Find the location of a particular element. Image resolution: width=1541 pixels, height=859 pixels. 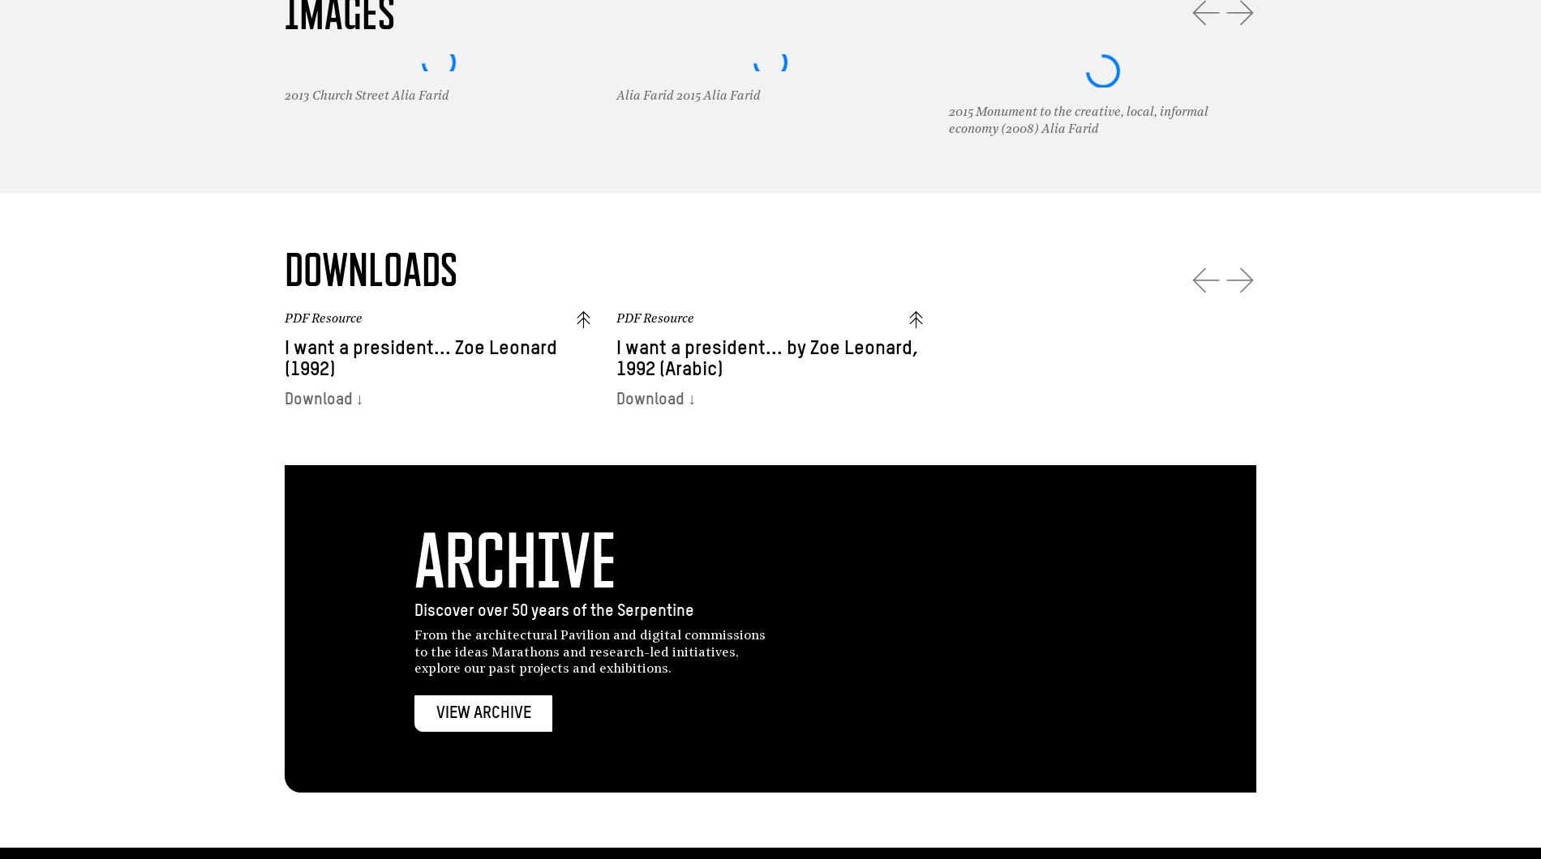

'2013
Church Street
Alia Farid' is located at coordinates (365, 95).